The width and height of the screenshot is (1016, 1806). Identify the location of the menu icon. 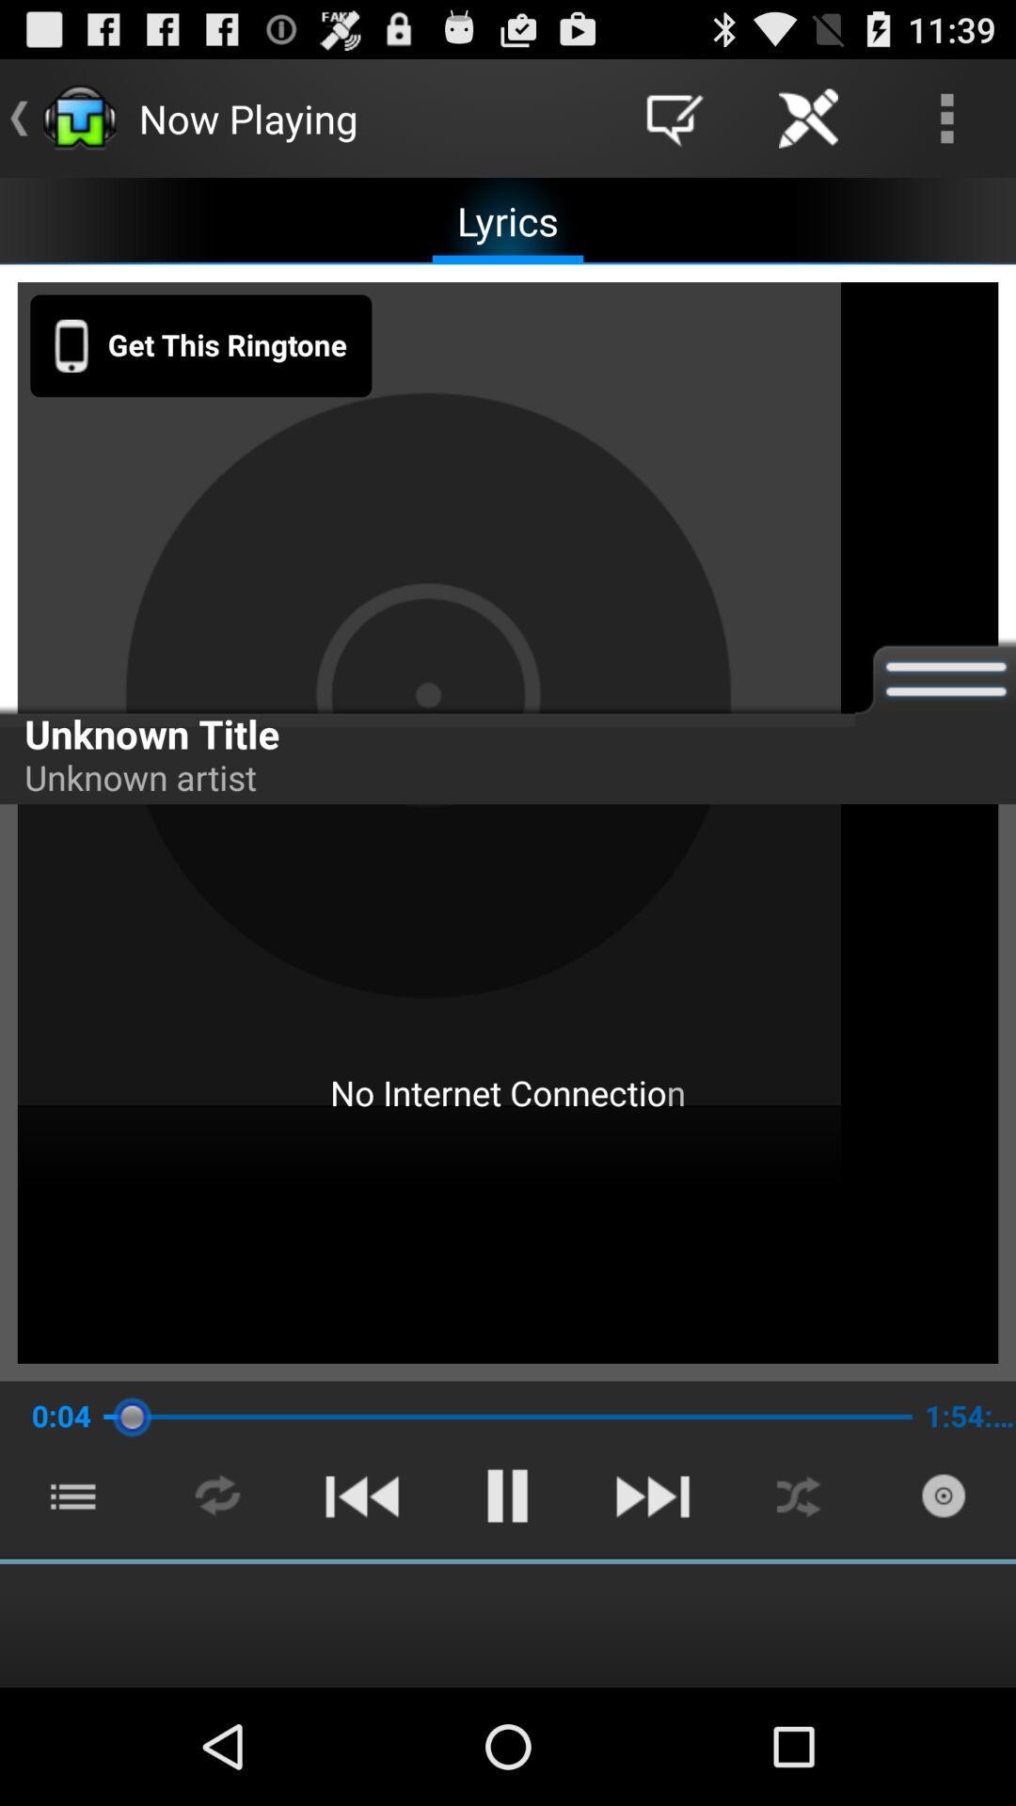
(71, 1600).